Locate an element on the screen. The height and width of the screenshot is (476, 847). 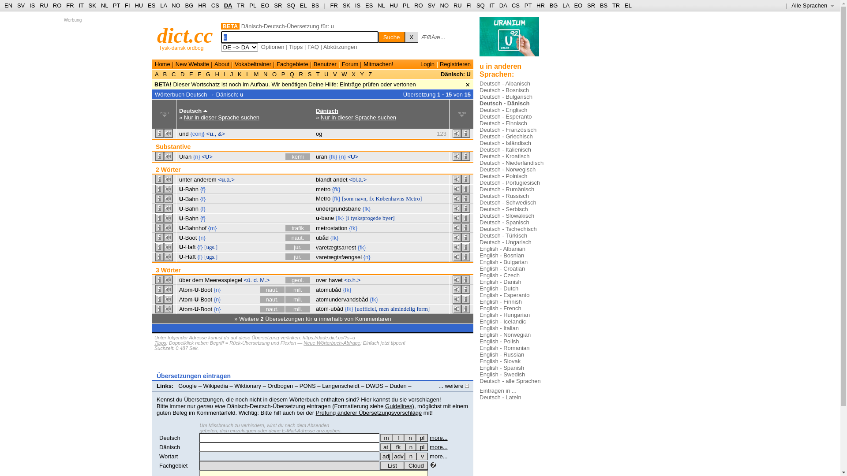
'English - Spanish' is located at coordinates (502, 368).